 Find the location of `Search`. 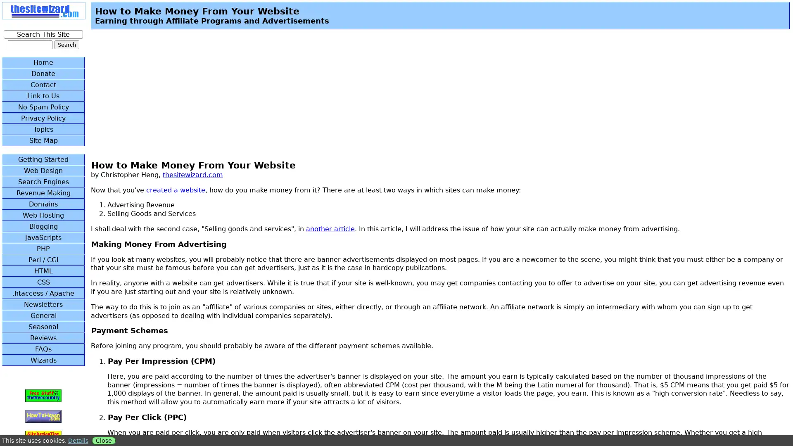

Search is located at coordinates (66, 45).